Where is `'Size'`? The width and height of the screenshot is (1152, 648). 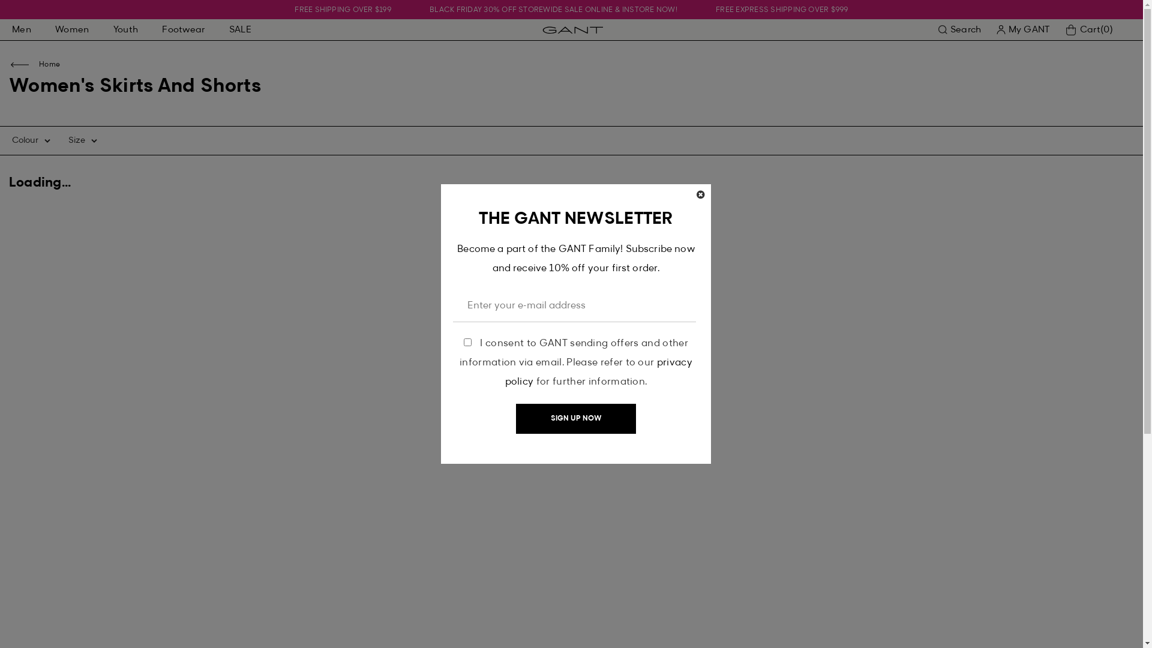
'Size' is located at coordinates (82, 140).